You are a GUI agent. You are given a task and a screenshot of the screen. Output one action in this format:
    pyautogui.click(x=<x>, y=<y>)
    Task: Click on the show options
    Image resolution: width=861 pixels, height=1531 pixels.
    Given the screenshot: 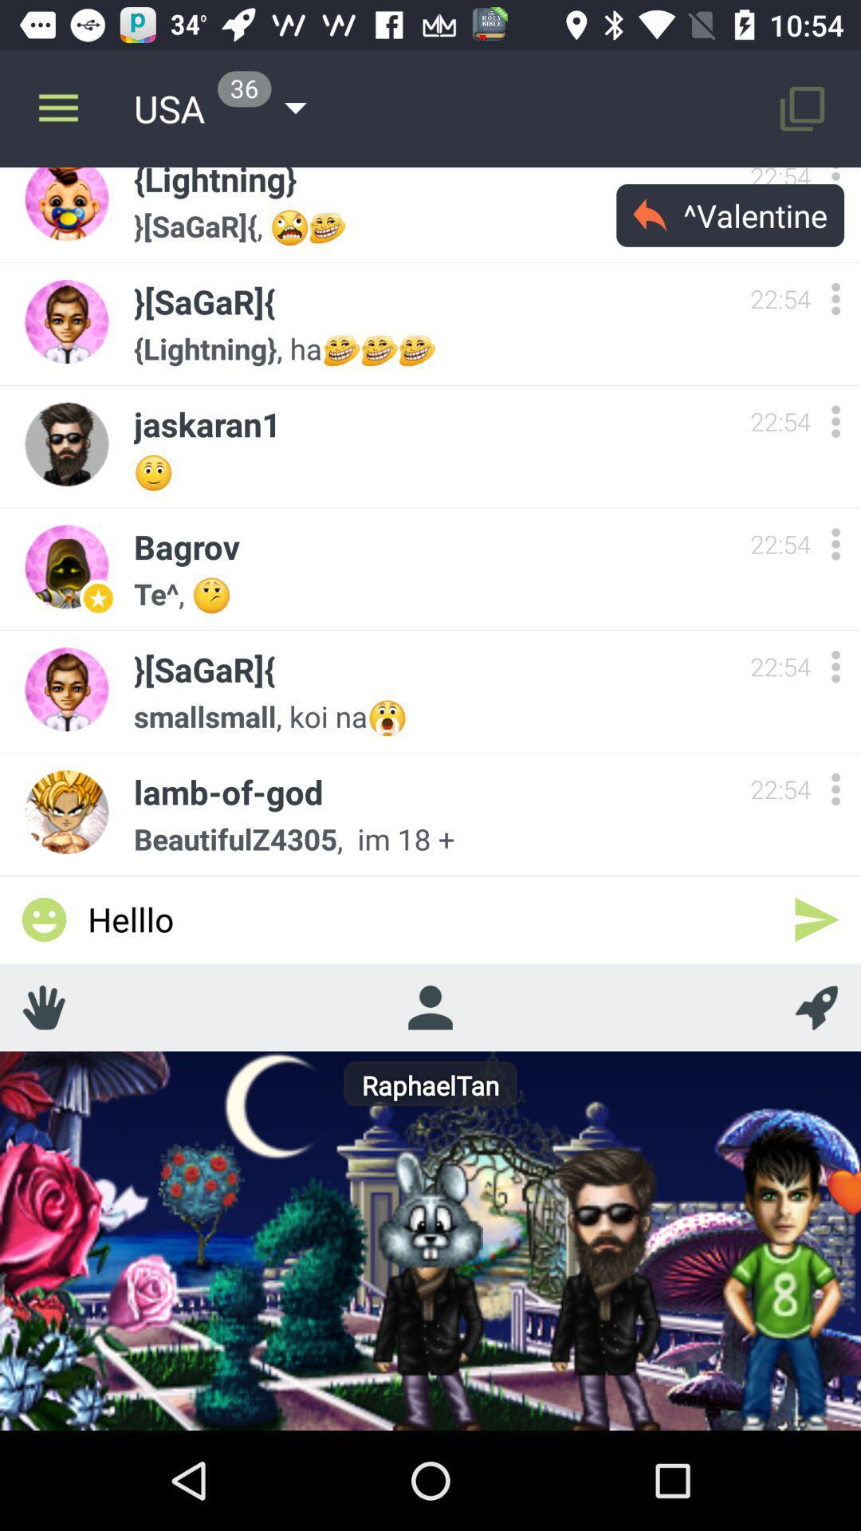 What is the action you would take?
    pyautogui.click(x=835, y=544)
    